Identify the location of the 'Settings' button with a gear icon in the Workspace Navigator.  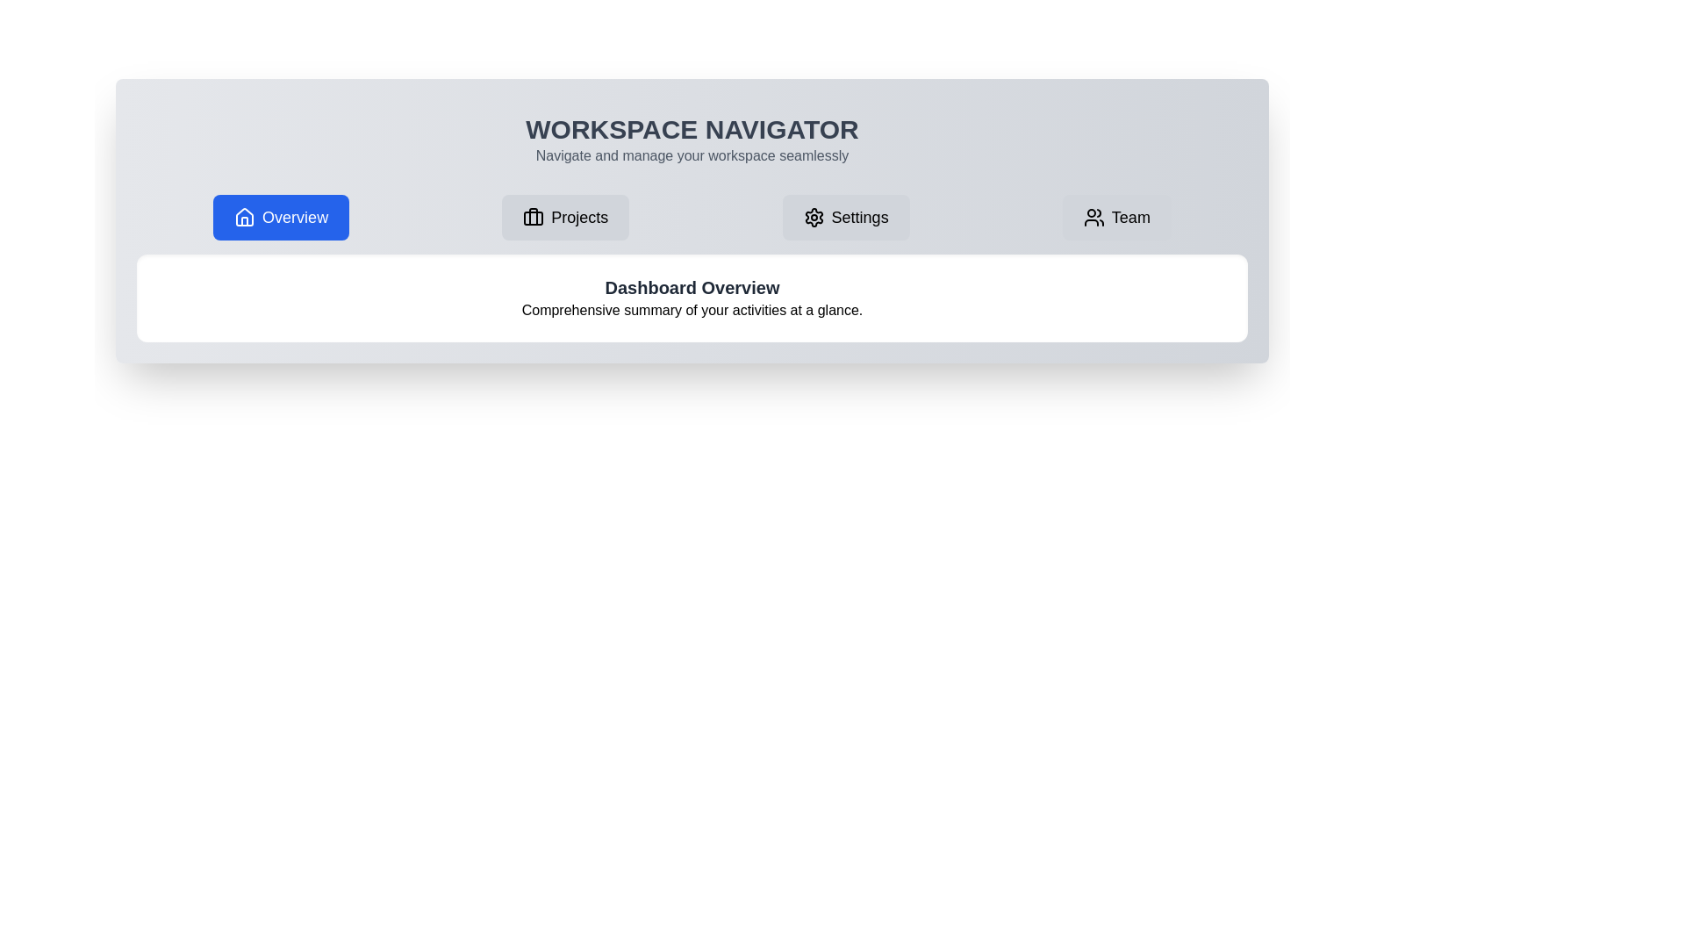
(846, 216).